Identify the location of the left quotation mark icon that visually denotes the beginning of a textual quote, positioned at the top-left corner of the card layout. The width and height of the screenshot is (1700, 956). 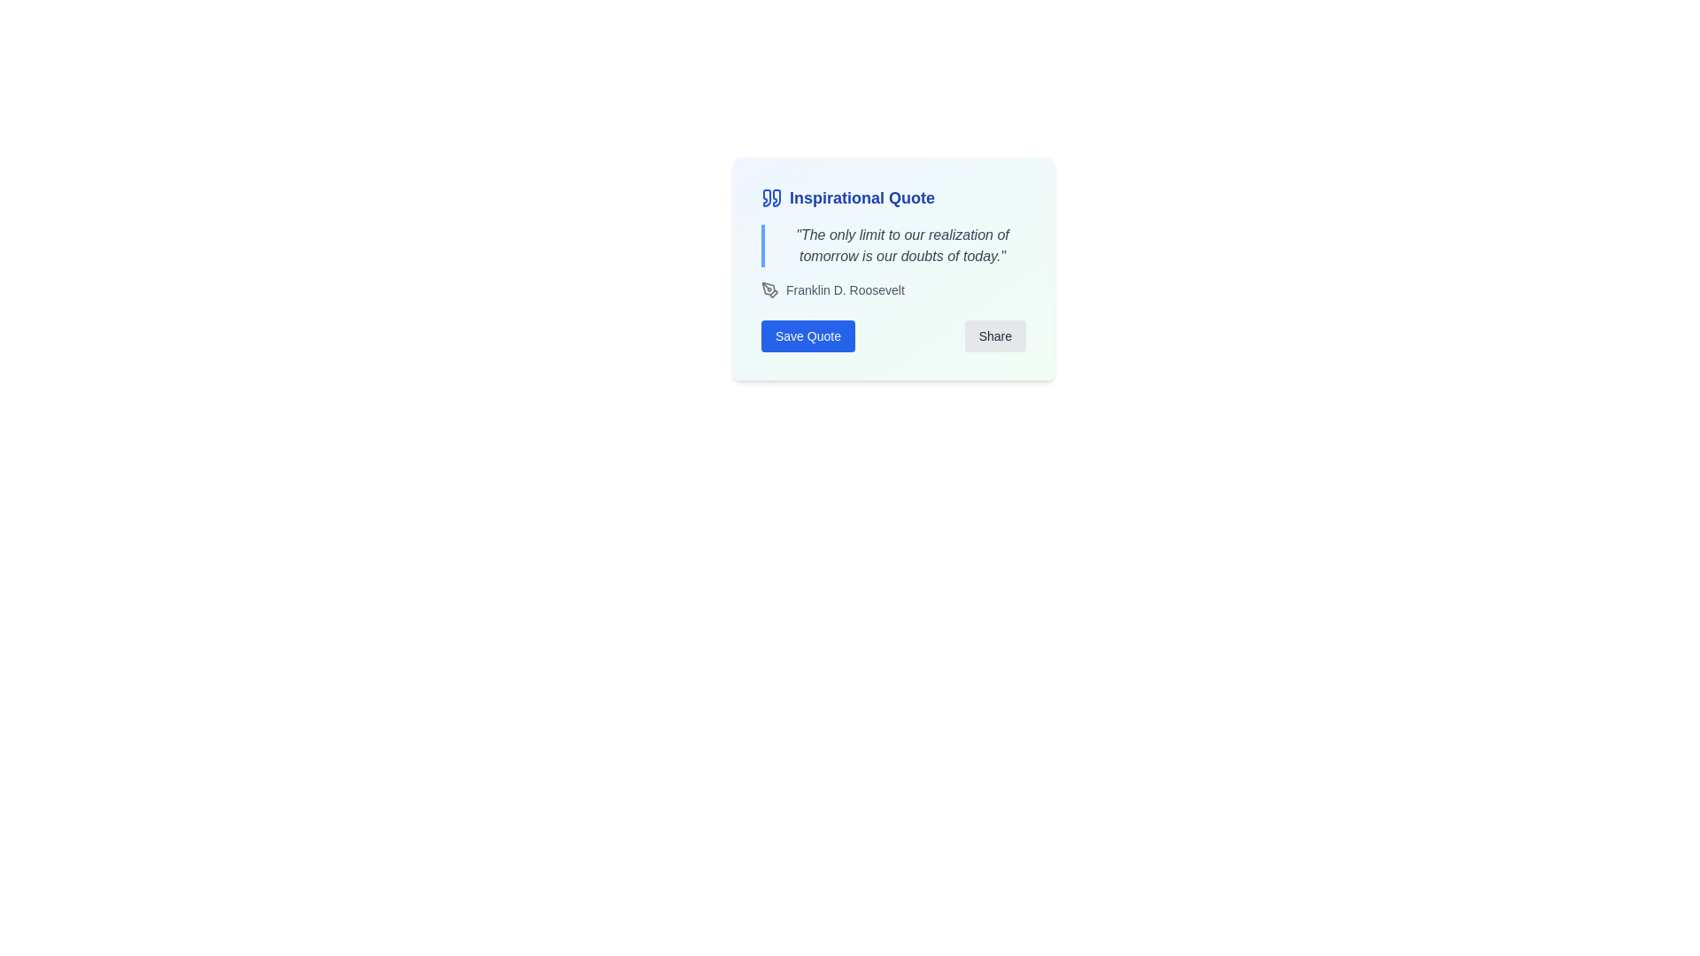
(767, 197).